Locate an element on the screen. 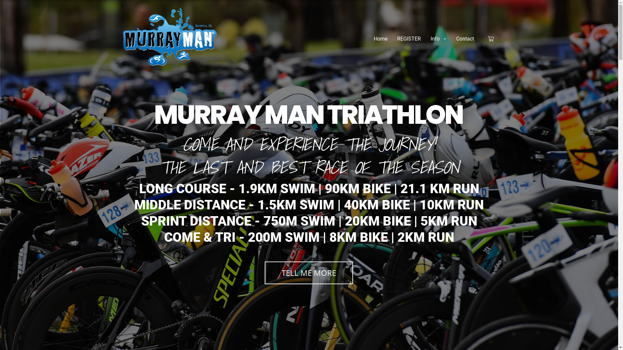 Image resolution: width=623 pixels, height=350 pixels. 'Home' is located at coordinates (369, 39).